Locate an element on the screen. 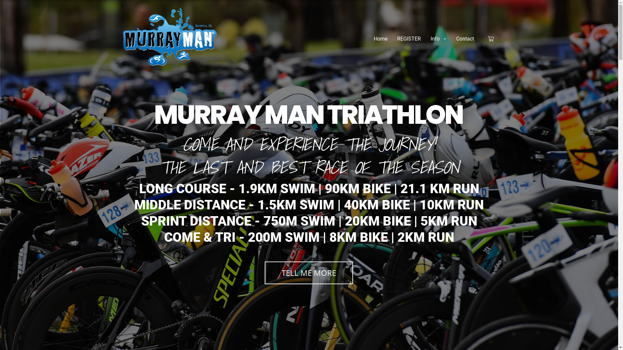 Image resolution: width=623 pixels, height=350 pixels. 'Home' is located at coordinates (369, 39).